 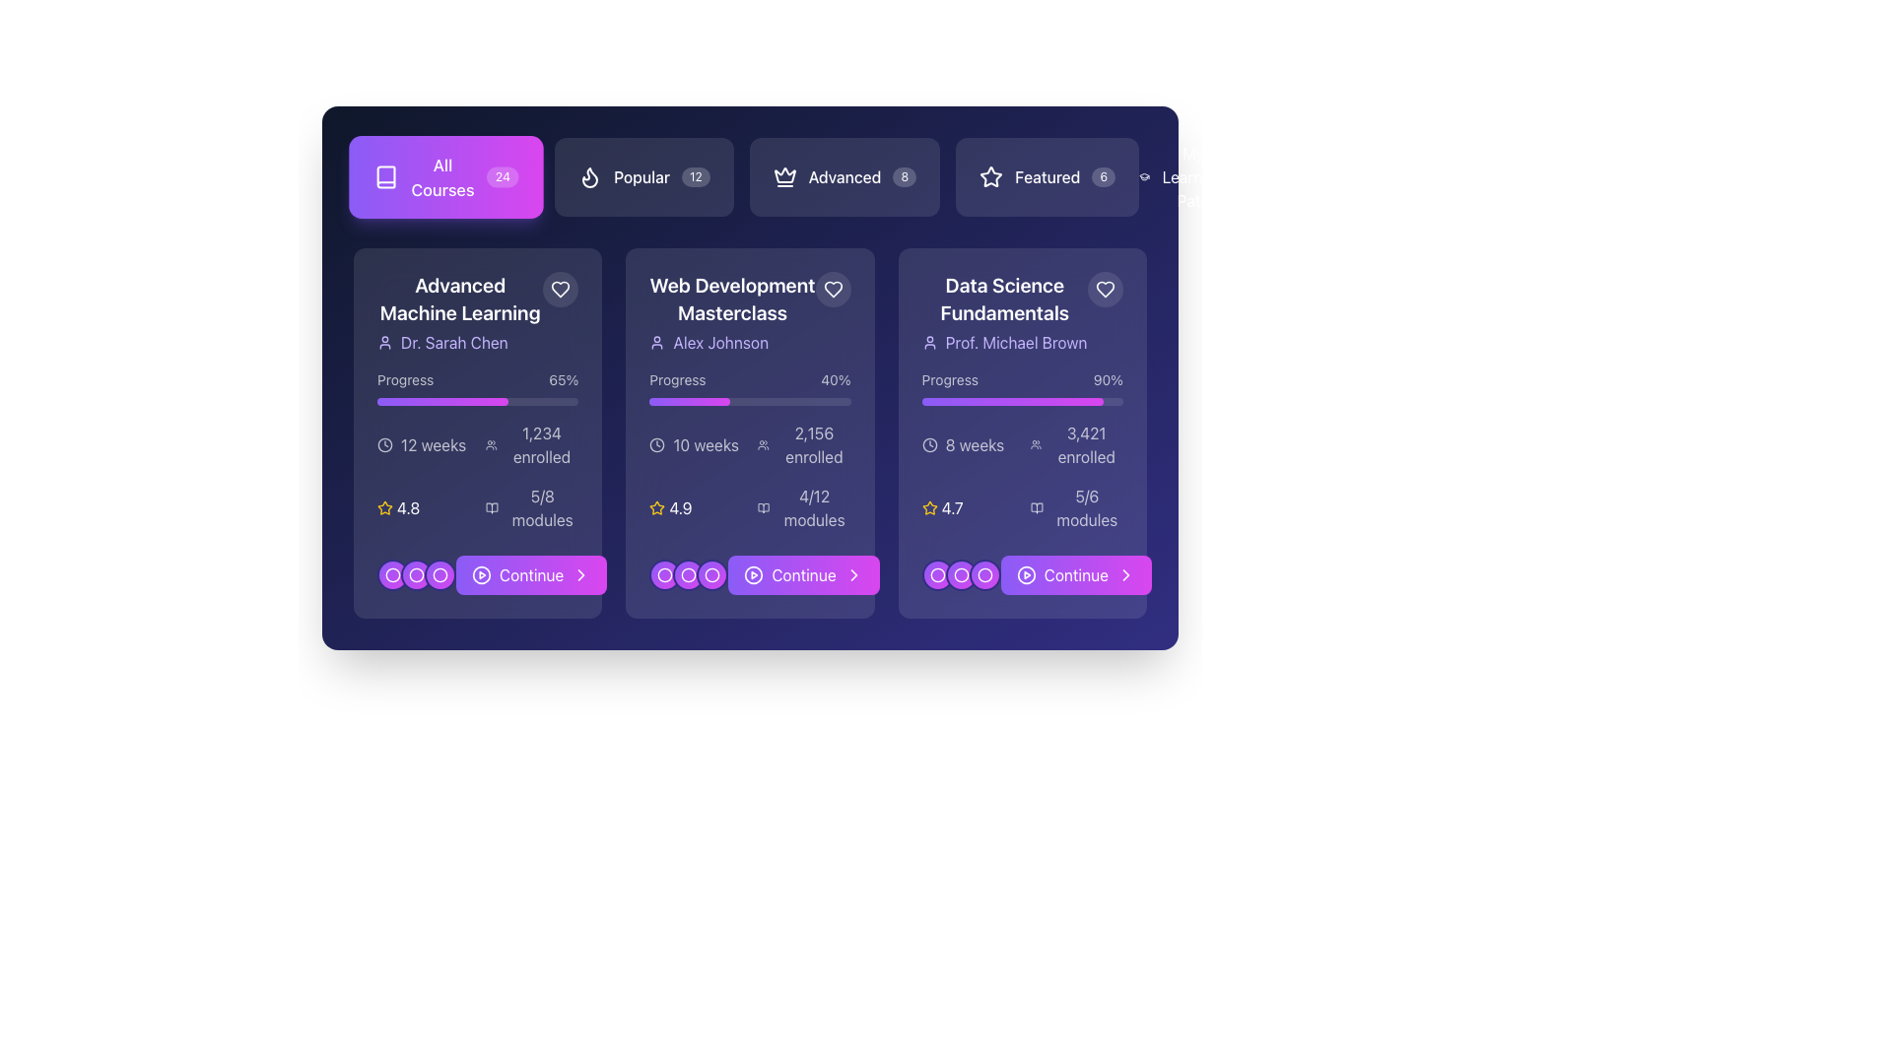 I want to click on the star-shaped icon outlined in white located within the 'Featured' button, which includes the text 'Featured' and a numerical badge '6'. The icon is positioned on the left side of the button, so click(x=991, y=177).